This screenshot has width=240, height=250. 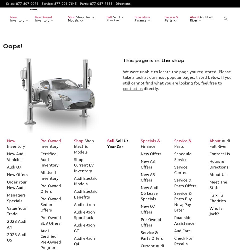 What do you see at coordinates (85, 180) in the screenshot?
I see `'Audi Electric Models'` at bounding box center [85, 180].